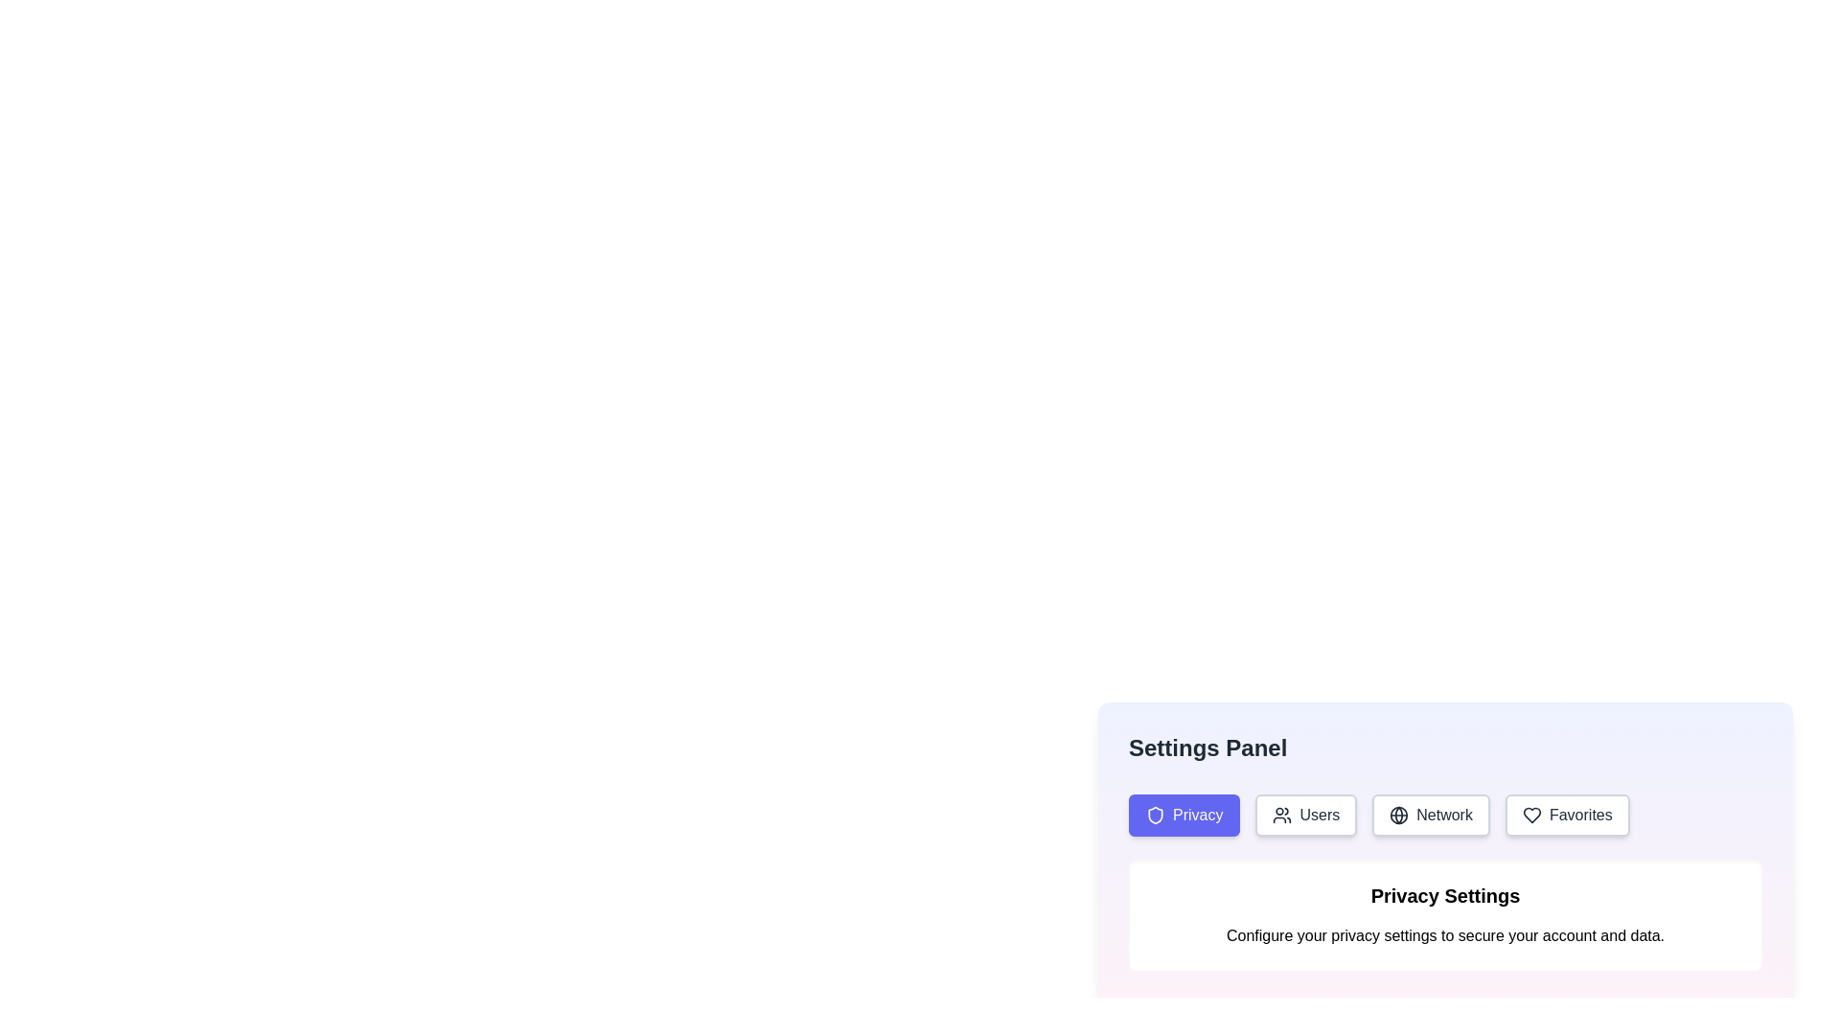 This screenshot has height=1035, width=1840. I want to click on the icon representing a group of people, which is located to the left of the 'Users' button in the settings options area, so click(1282, 816).